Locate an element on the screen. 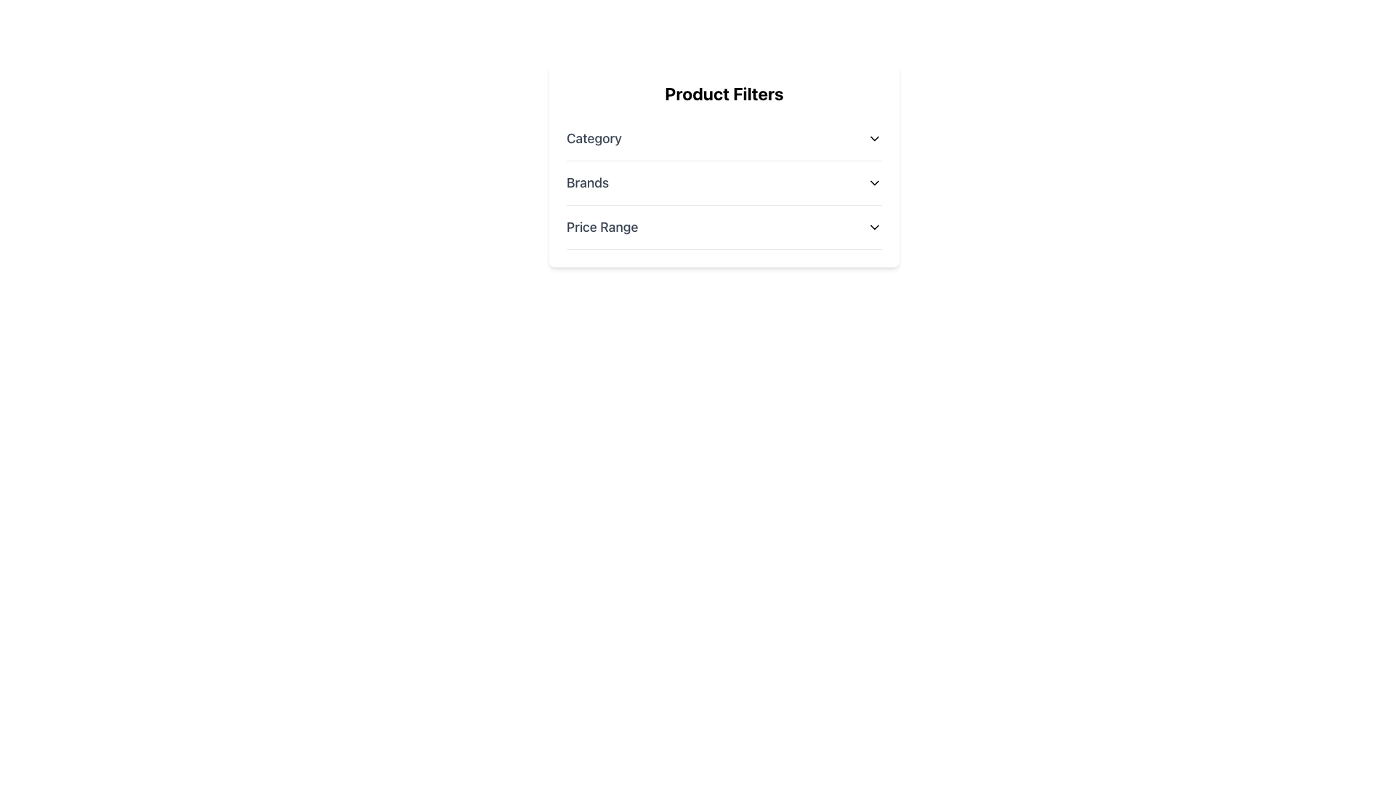  the Dropdown menu toggle in the 'Product Filters' section is located at coordinates (724, 139).